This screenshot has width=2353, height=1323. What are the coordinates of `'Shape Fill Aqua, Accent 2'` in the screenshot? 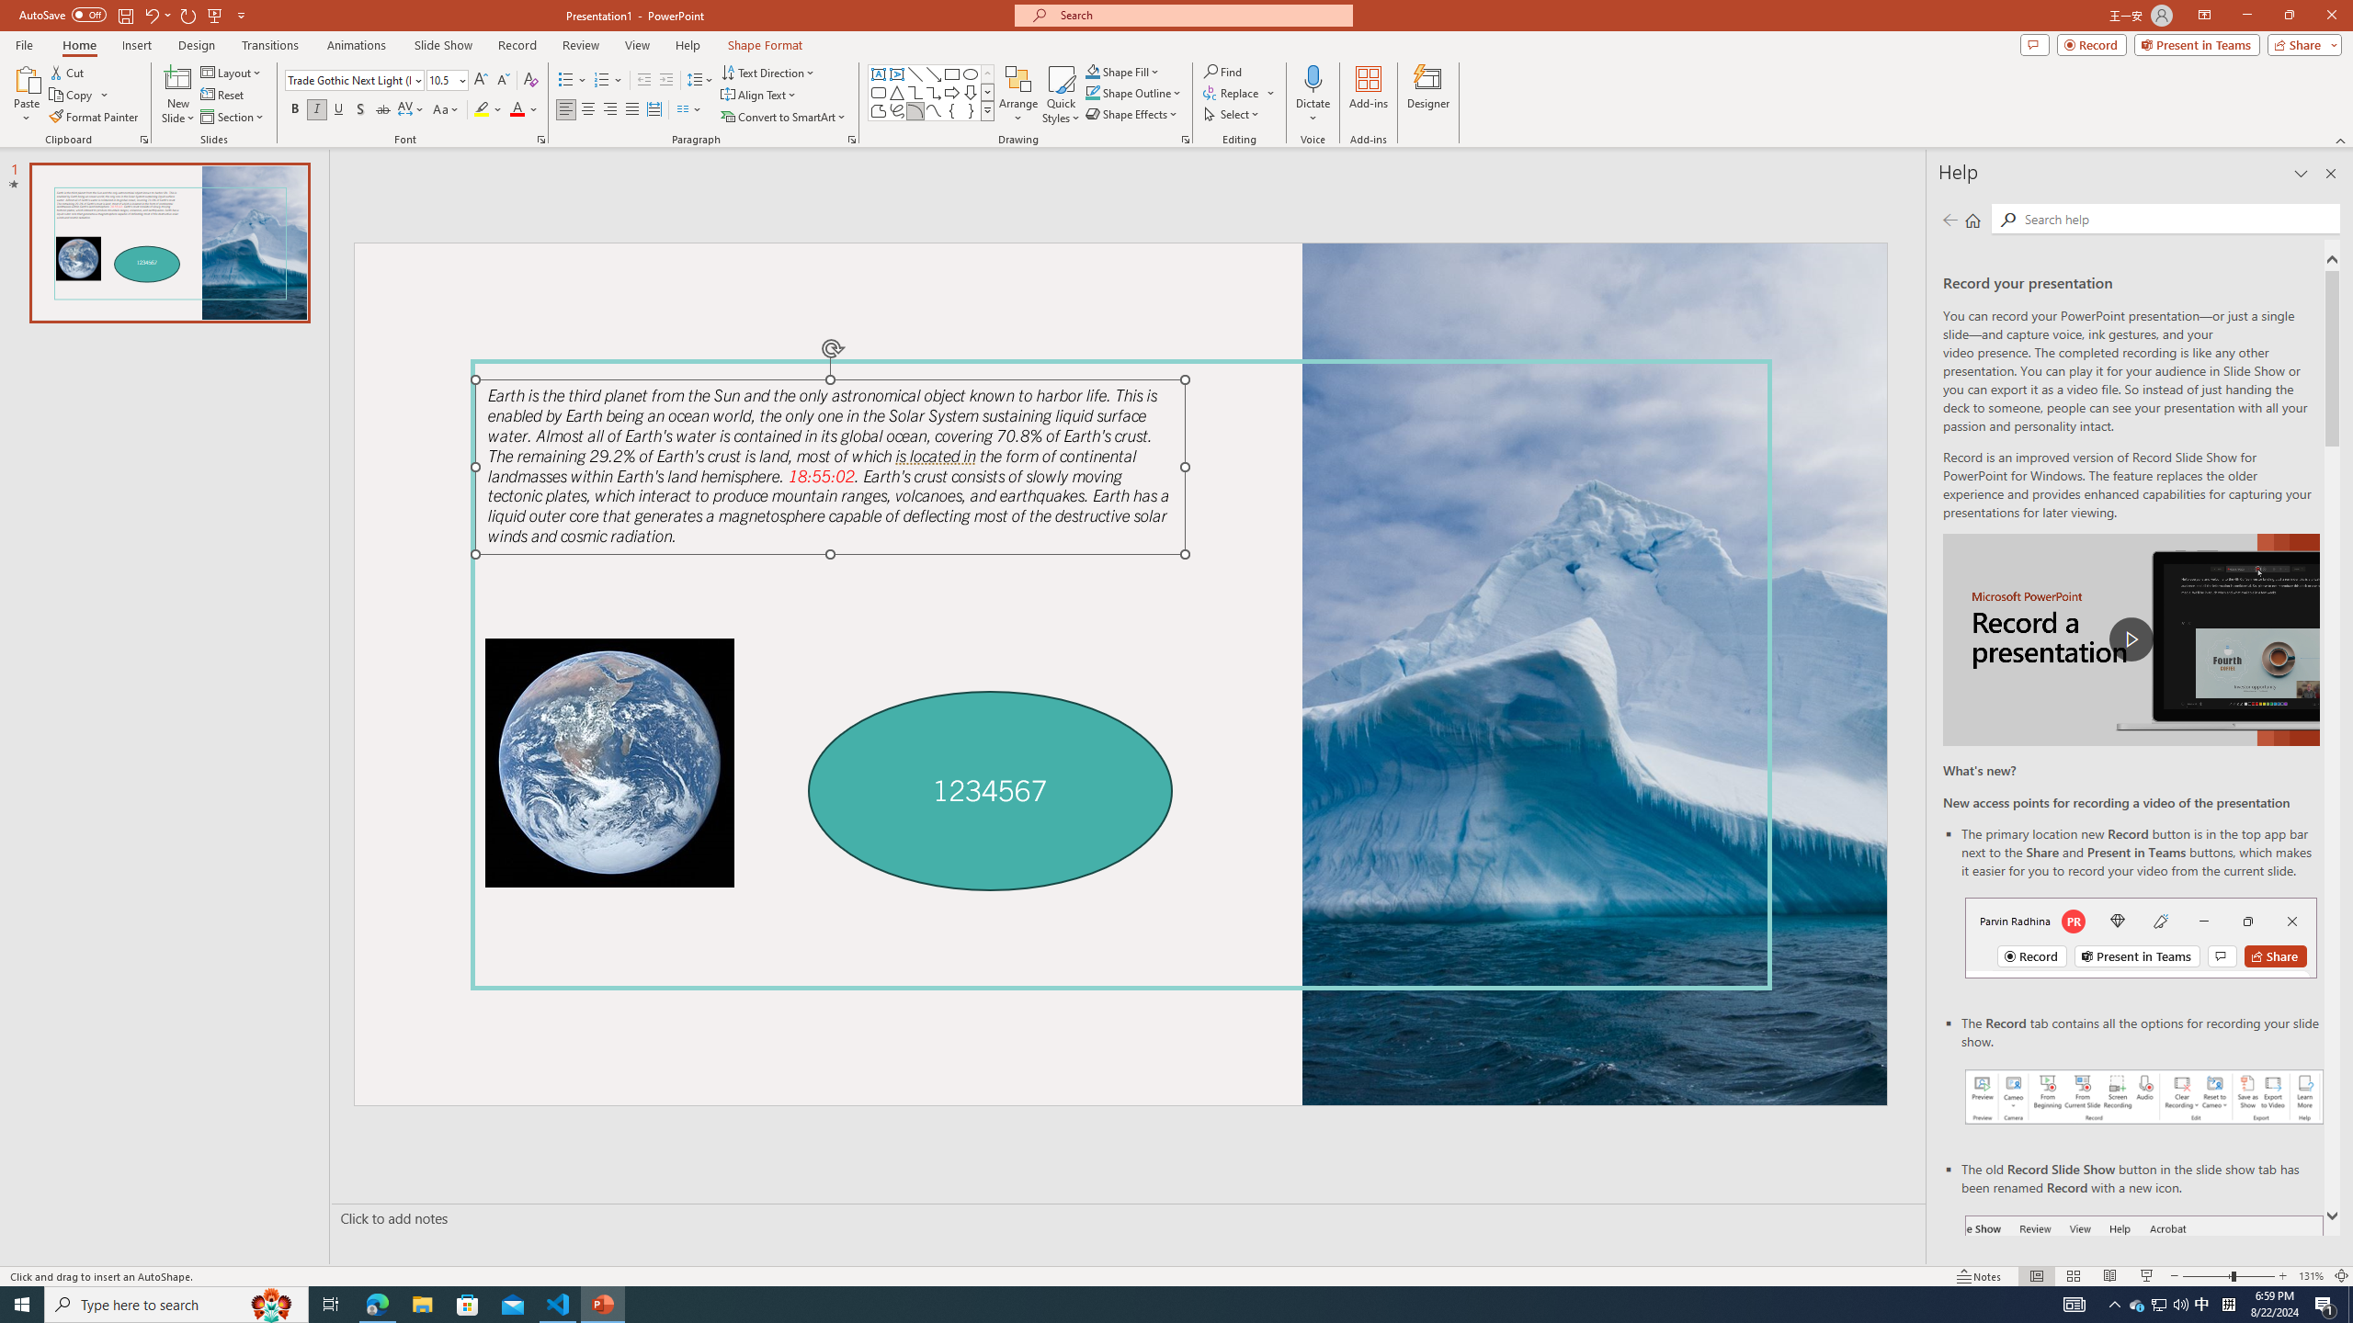 It's located at (1093, 71).